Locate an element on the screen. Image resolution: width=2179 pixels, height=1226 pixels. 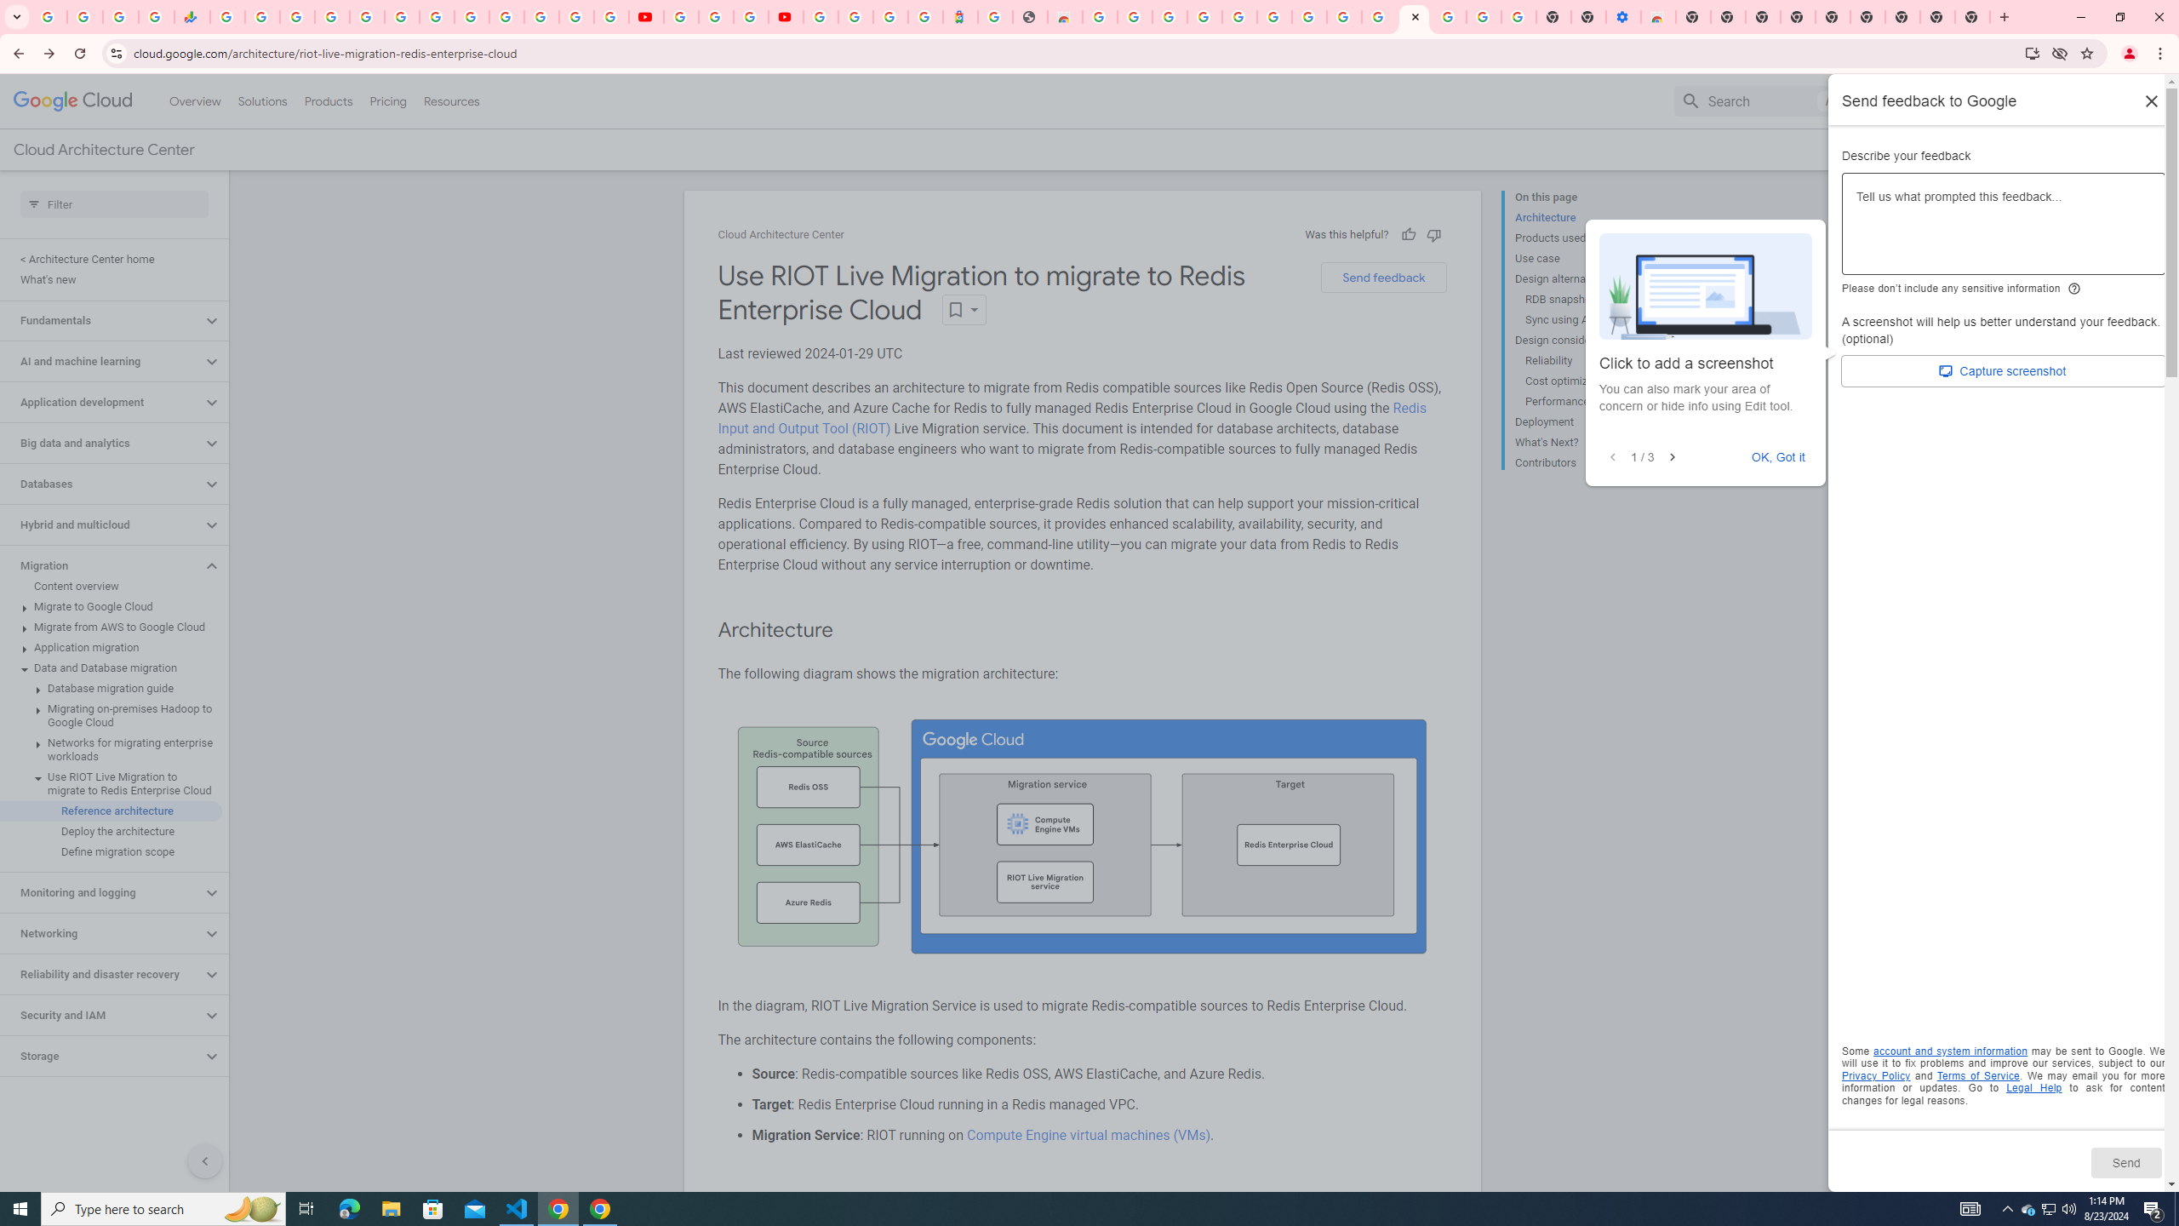
'Networks for migrating enterprise workloads' is located at coordinates (111, 749).